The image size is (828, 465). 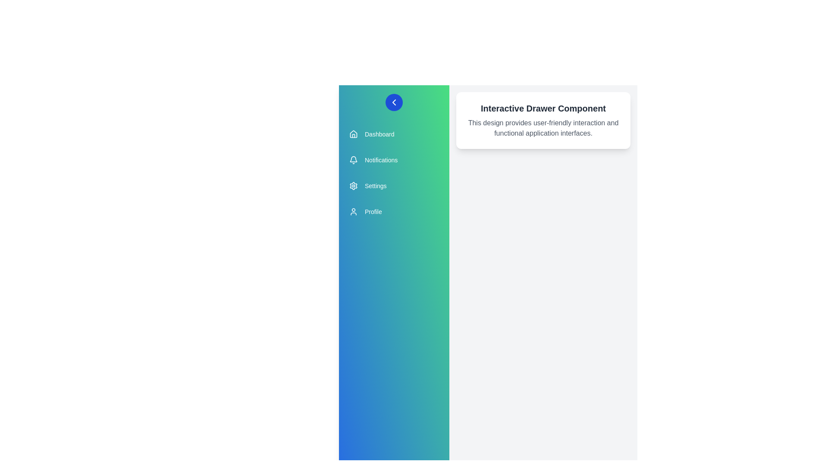 What do you see at coordinates (393, 134) in the screenshot?
I see `the menu item Dashboard from the drawer` at bounding box center [393, 134].